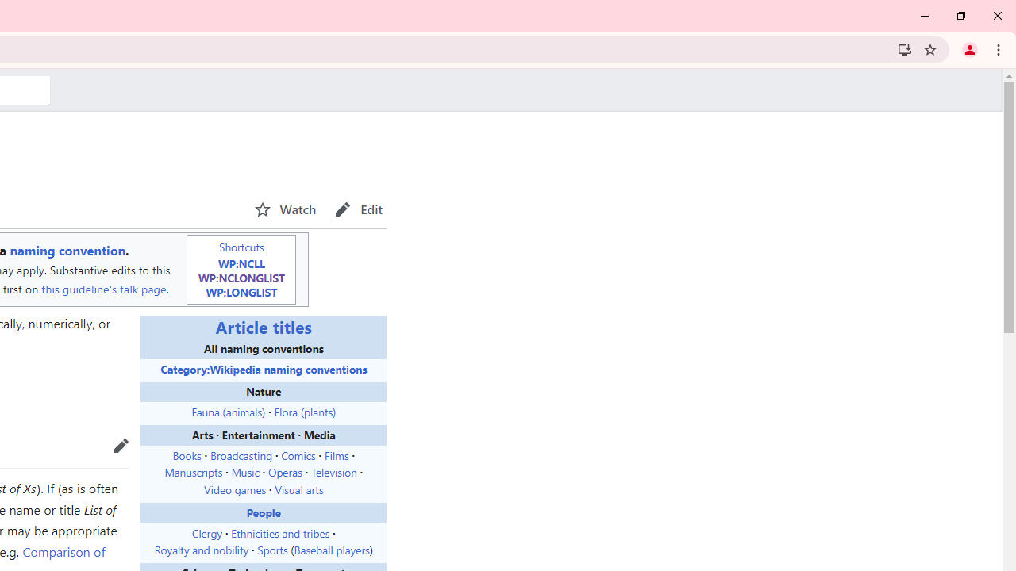 This screenshot has width=1016, height=571. I want to click on 'Baseball players', so click(330, 549).